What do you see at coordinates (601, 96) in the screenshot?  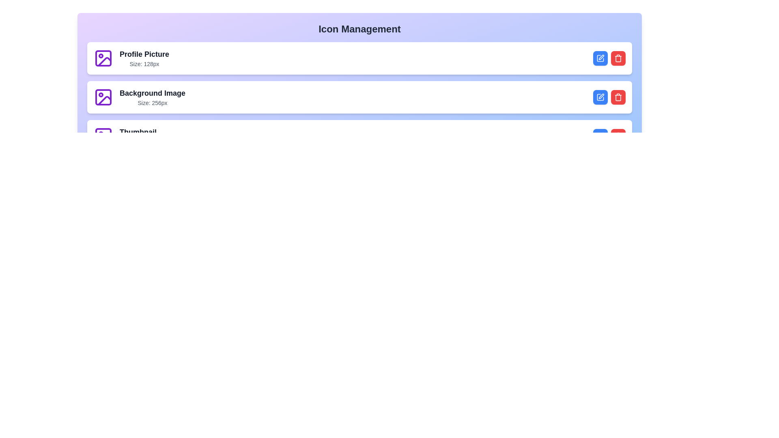 I see `the icon button resembling a pen or writing instrument, which is the secondary icon in a compact set of controls on the right side of an item in a list` at bounding box center [601, 96].